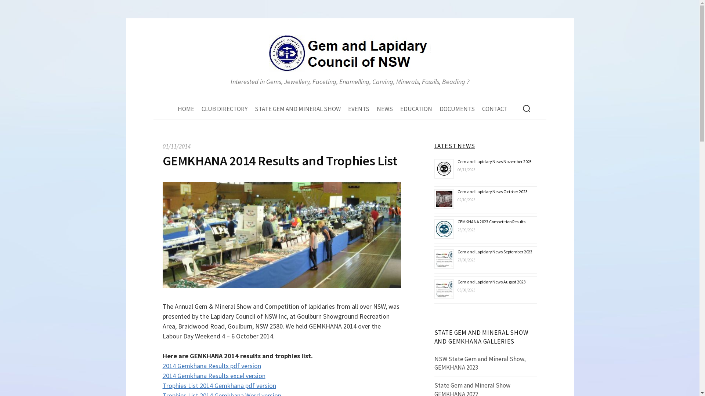 This screenshot has height=396, width=705. Describe the element at coordinates (218, 385) in the screenshot. I see `'Trophies List 2014 Gemkhana pdf version'` at that location.